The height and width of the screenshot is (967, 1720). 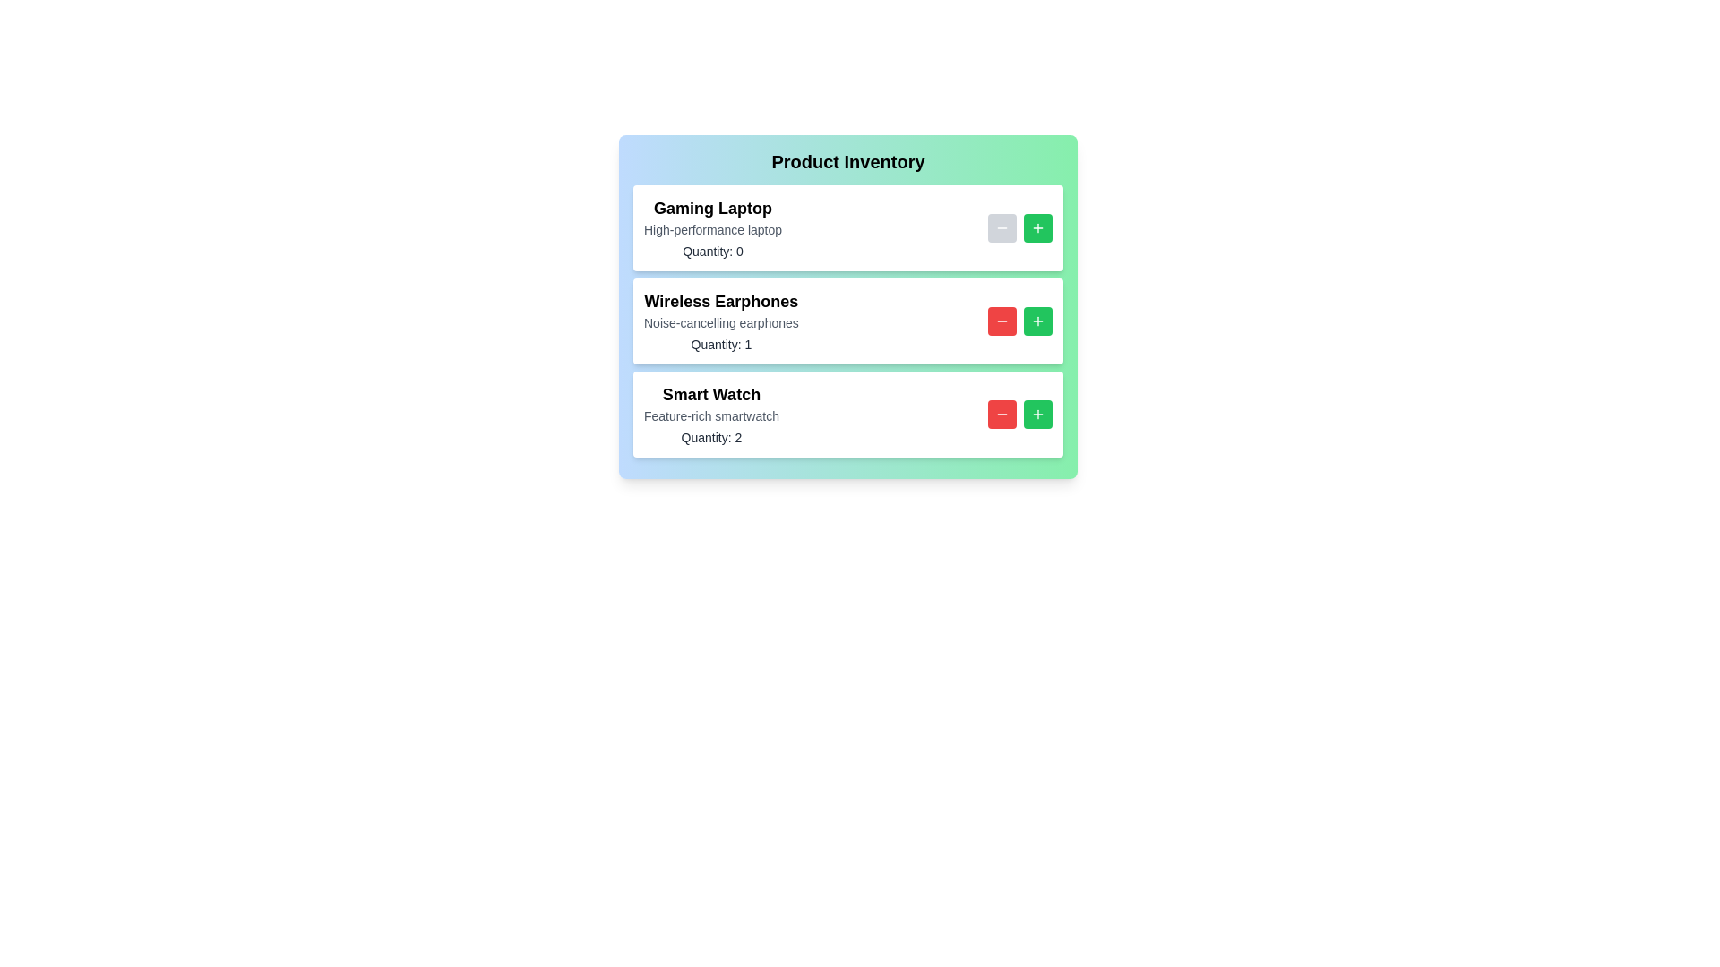 What do you see at coordinates (1037, 227) in the screenshot?
I see `'+' button for the product identified by Gaming Laptop` at bounding box center [1037, 227].